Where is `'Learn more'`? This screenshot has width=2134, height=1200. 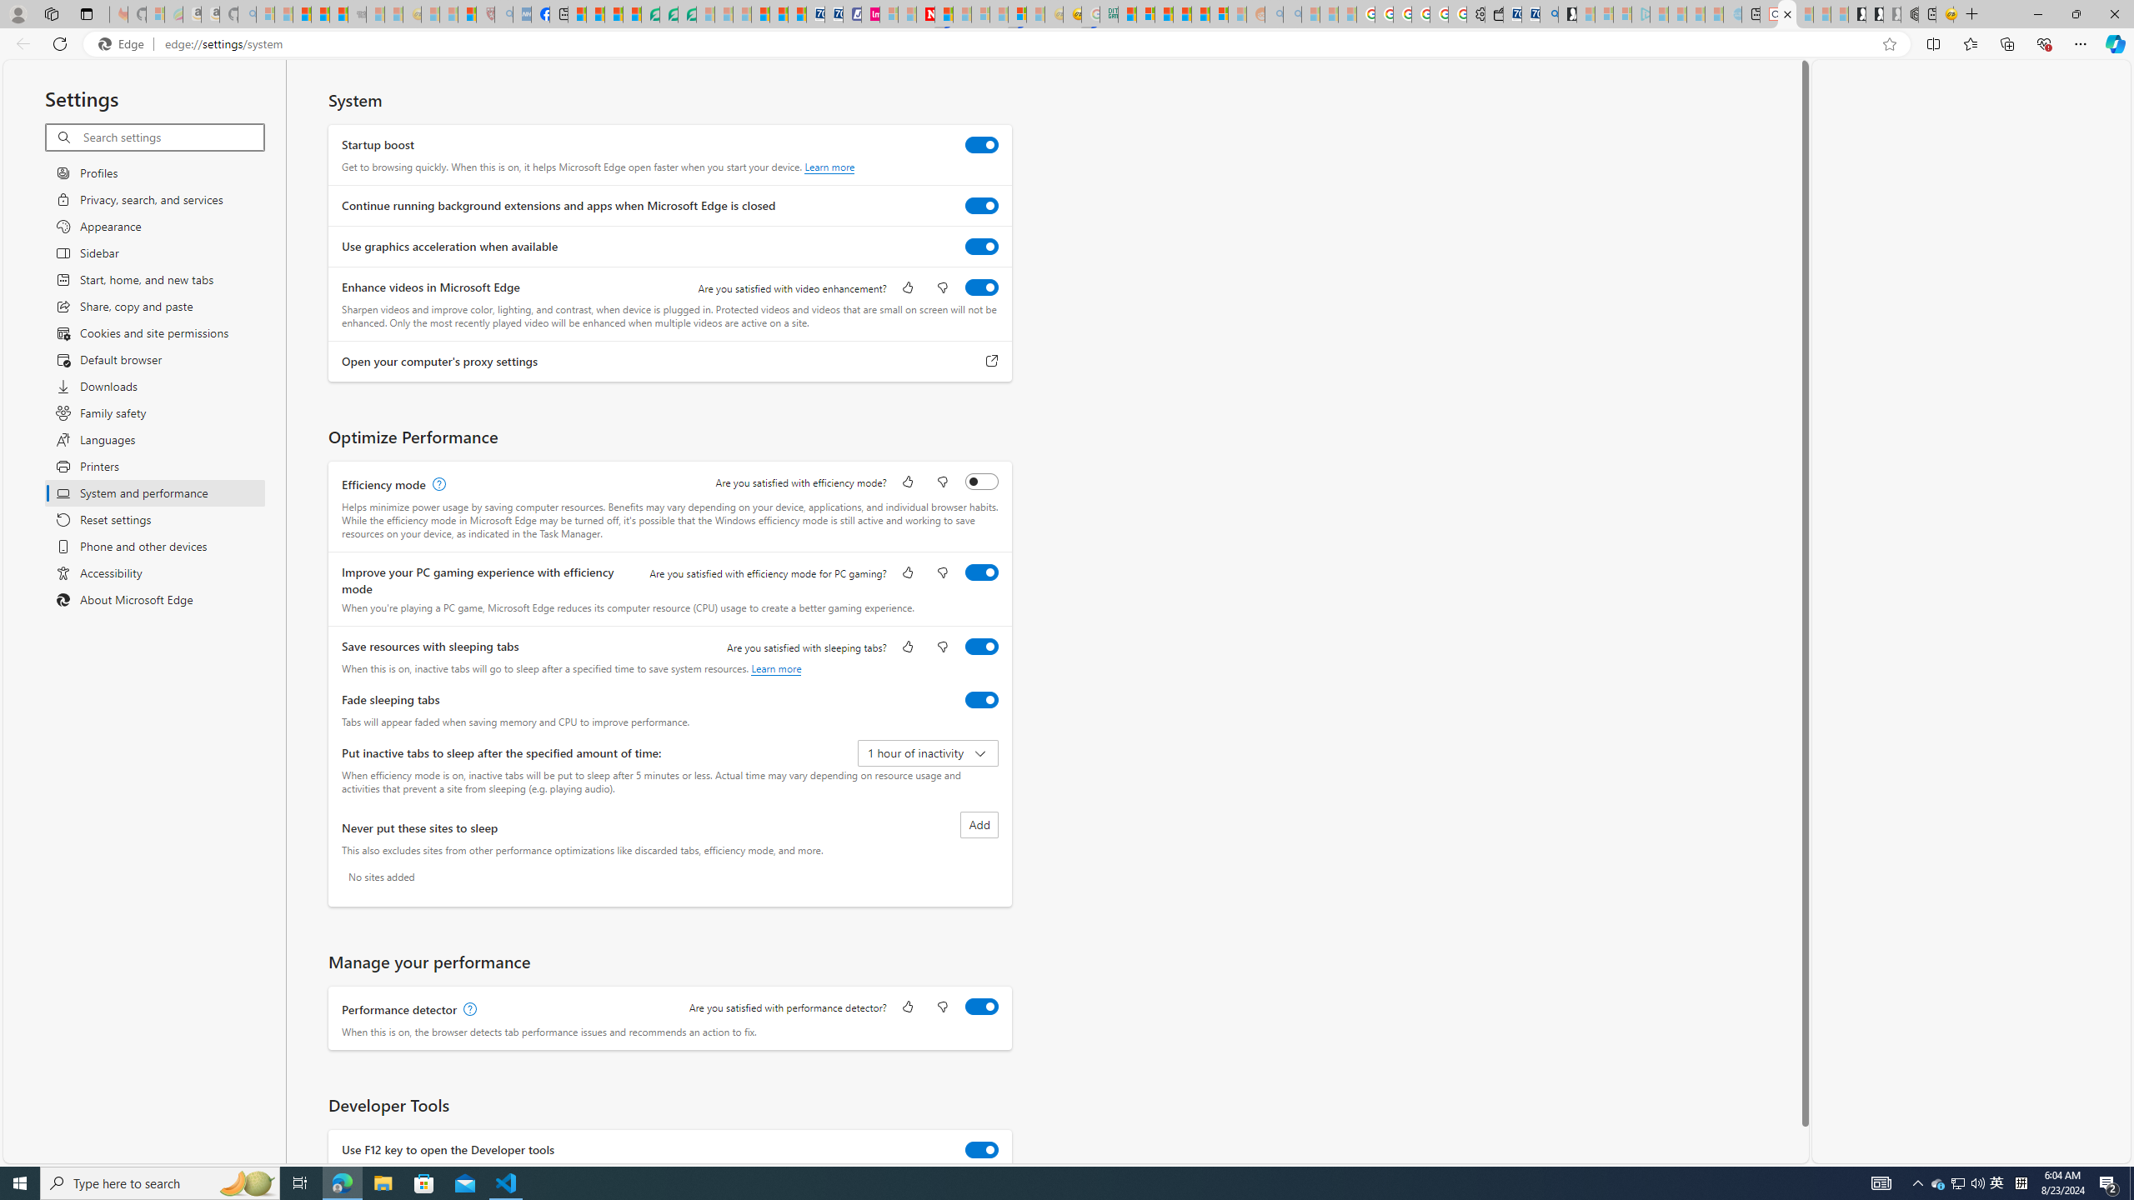
'Learn more' is located at coordinates (775, 667).